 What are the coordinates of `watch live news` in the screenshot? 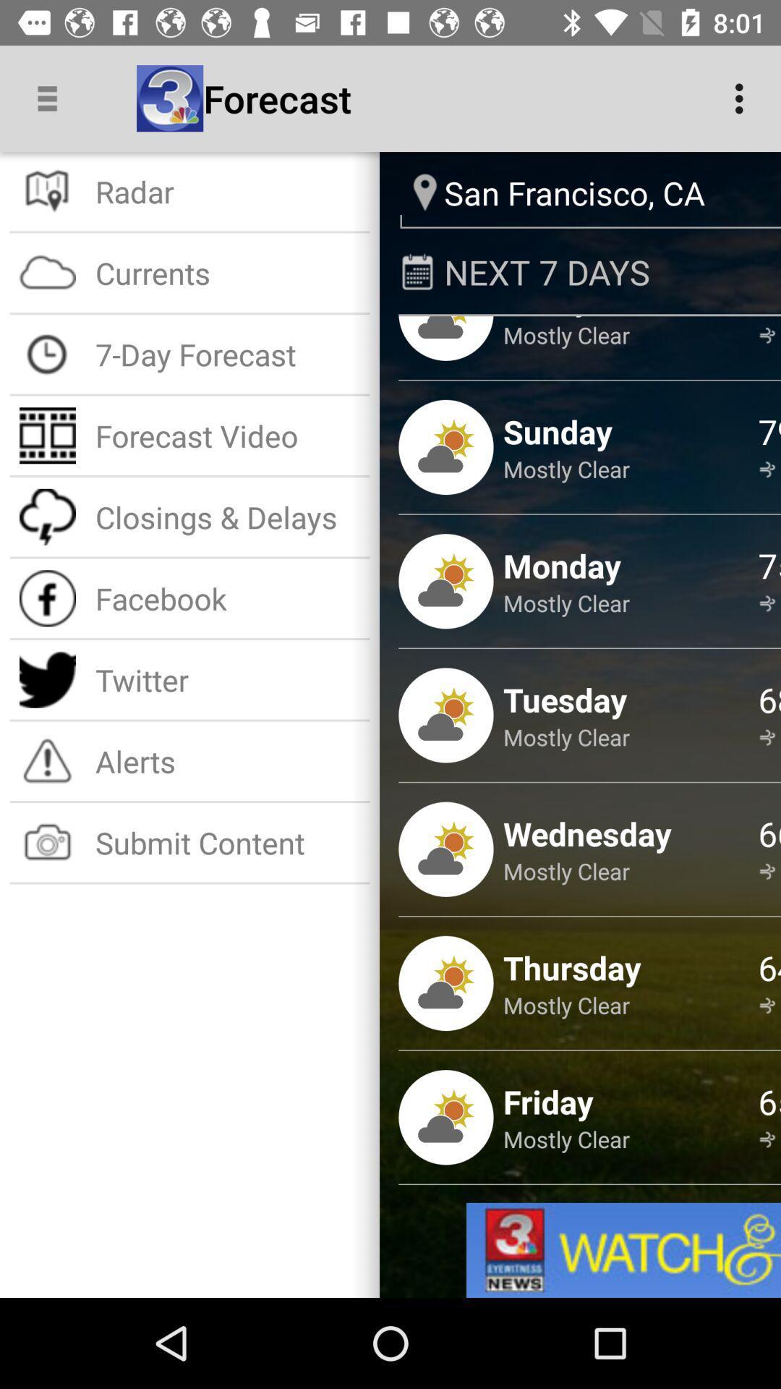 It's located at (623, 1249).